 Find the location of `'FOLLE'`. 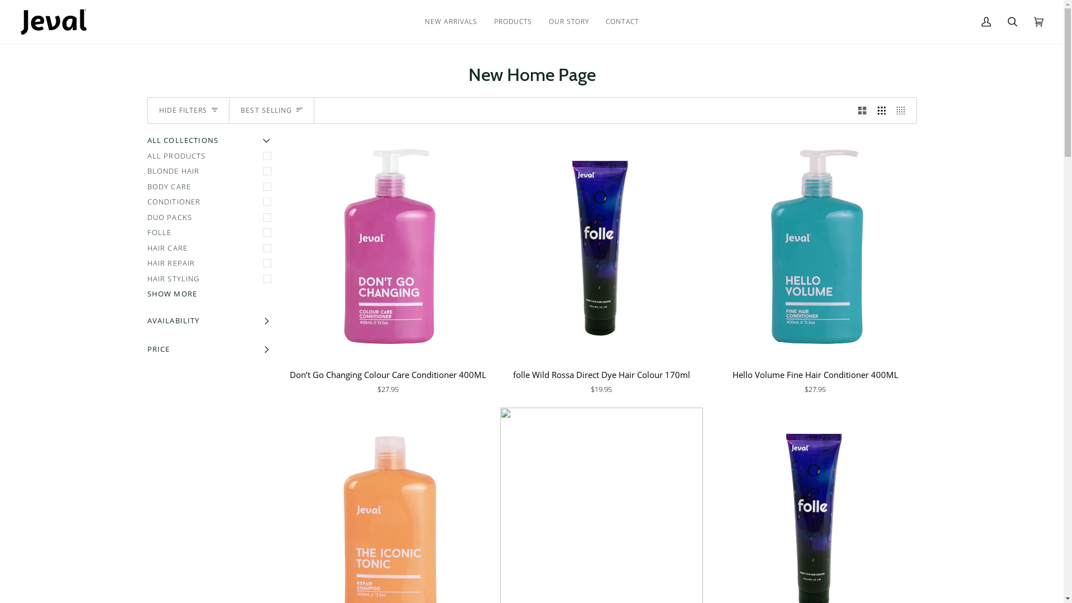

'FOLLE' is located at coordinates (212, 232).